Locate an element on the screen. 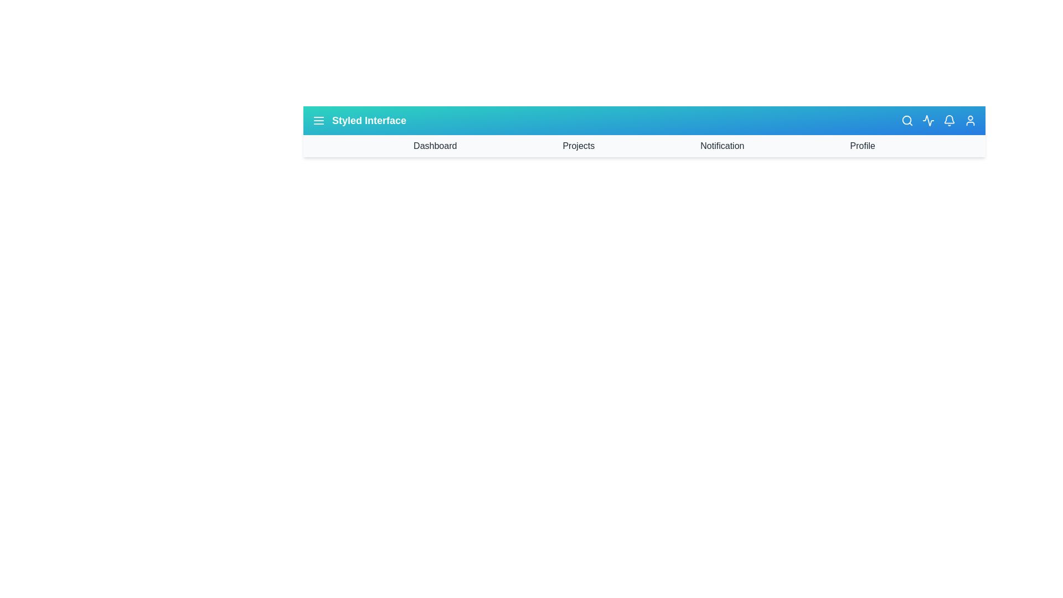  the navigation item Profile is located at coordinates (862, 145).